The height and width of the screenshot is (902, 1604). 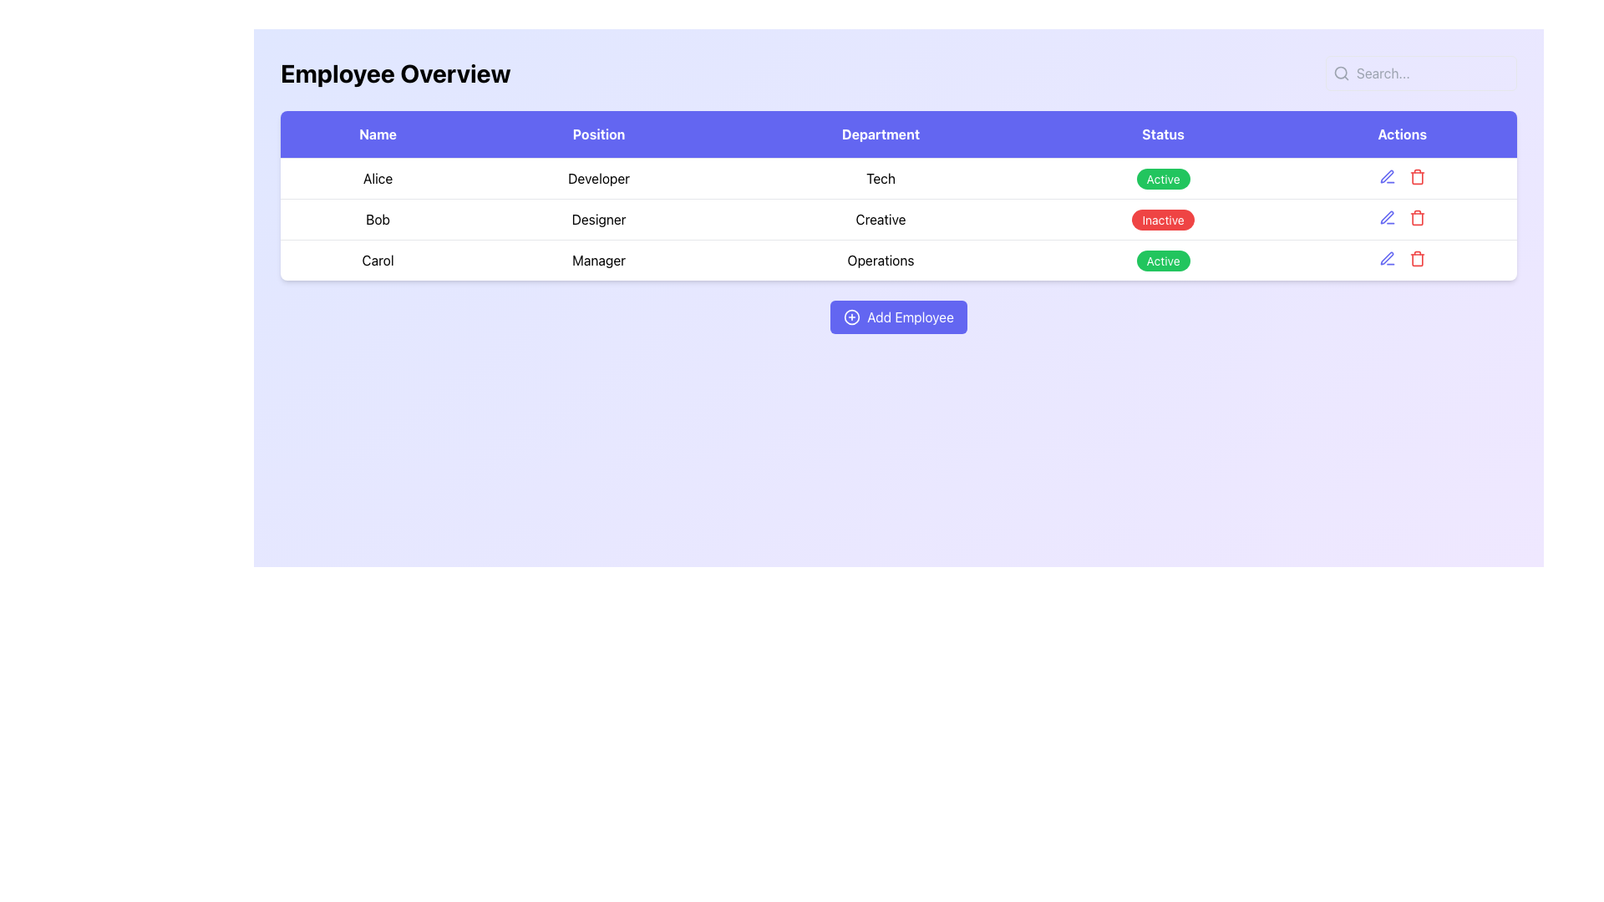 What do you see at coordinates (377, 178) in the screenshot?
I see `text content 'Alice' from the first column and first row of the employee information table, which is adjacent to the 'Developer' text in the Position column` at bounding box center [377, 178].